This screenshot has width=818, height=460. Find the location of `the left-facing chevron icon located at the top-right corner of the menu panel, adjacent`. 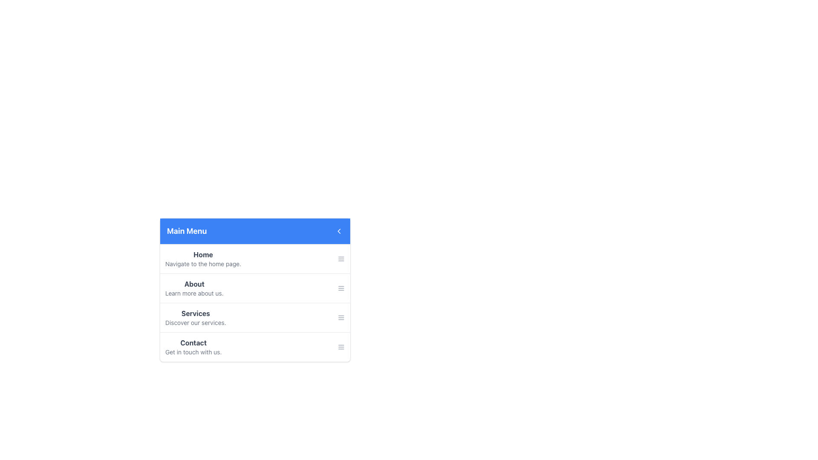

the left-facing chevron icon located at the top-right corner of the menu panel, adjacent is located at coordinates (339, 231).